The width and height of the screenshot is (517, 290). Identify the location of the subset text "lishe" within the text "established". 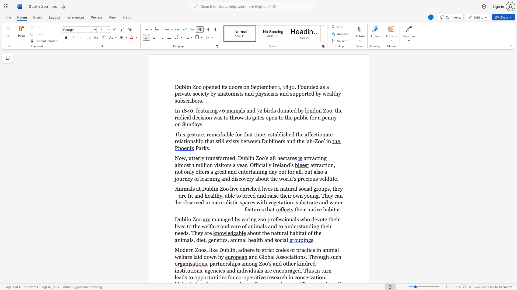
(280, 134).